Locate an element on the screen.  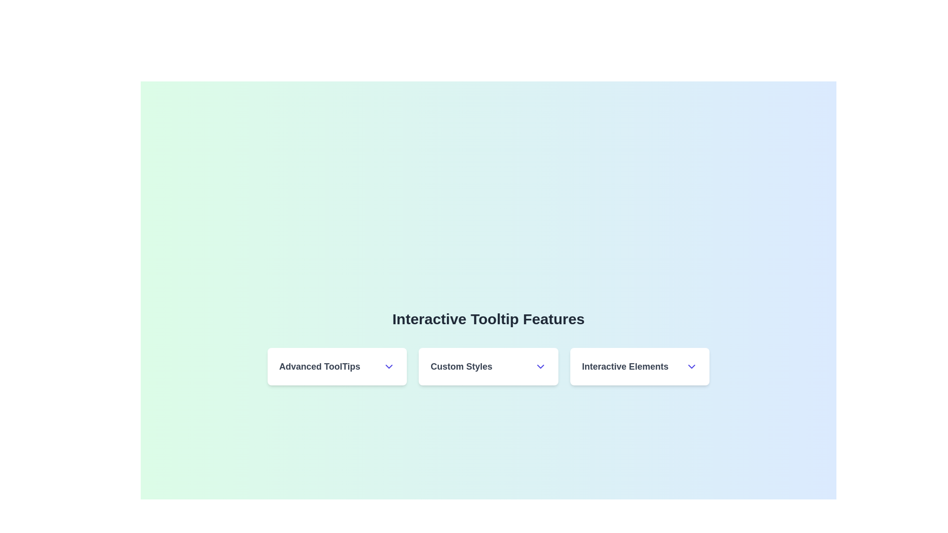
the first card-like button in the grid layout that allows users is located at coordinates (337, 367).